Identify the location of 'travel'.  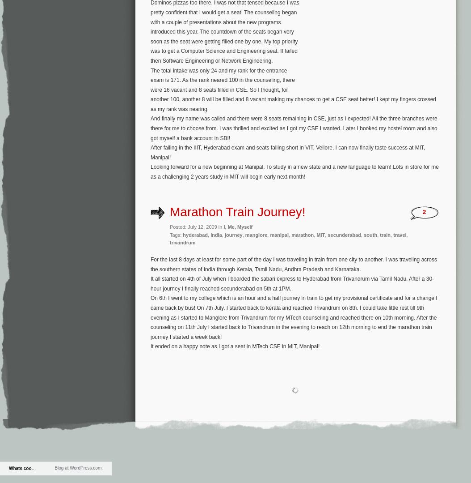
(400, 234).